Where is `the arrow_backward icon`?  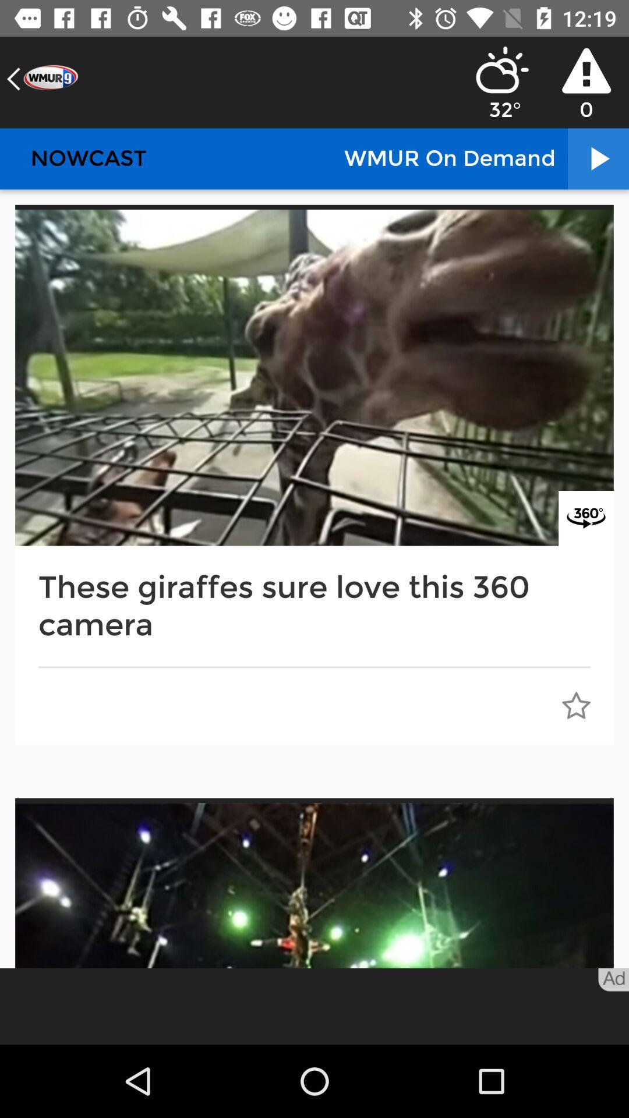 the arrow_backward icon is located at coordinates (42, 79).